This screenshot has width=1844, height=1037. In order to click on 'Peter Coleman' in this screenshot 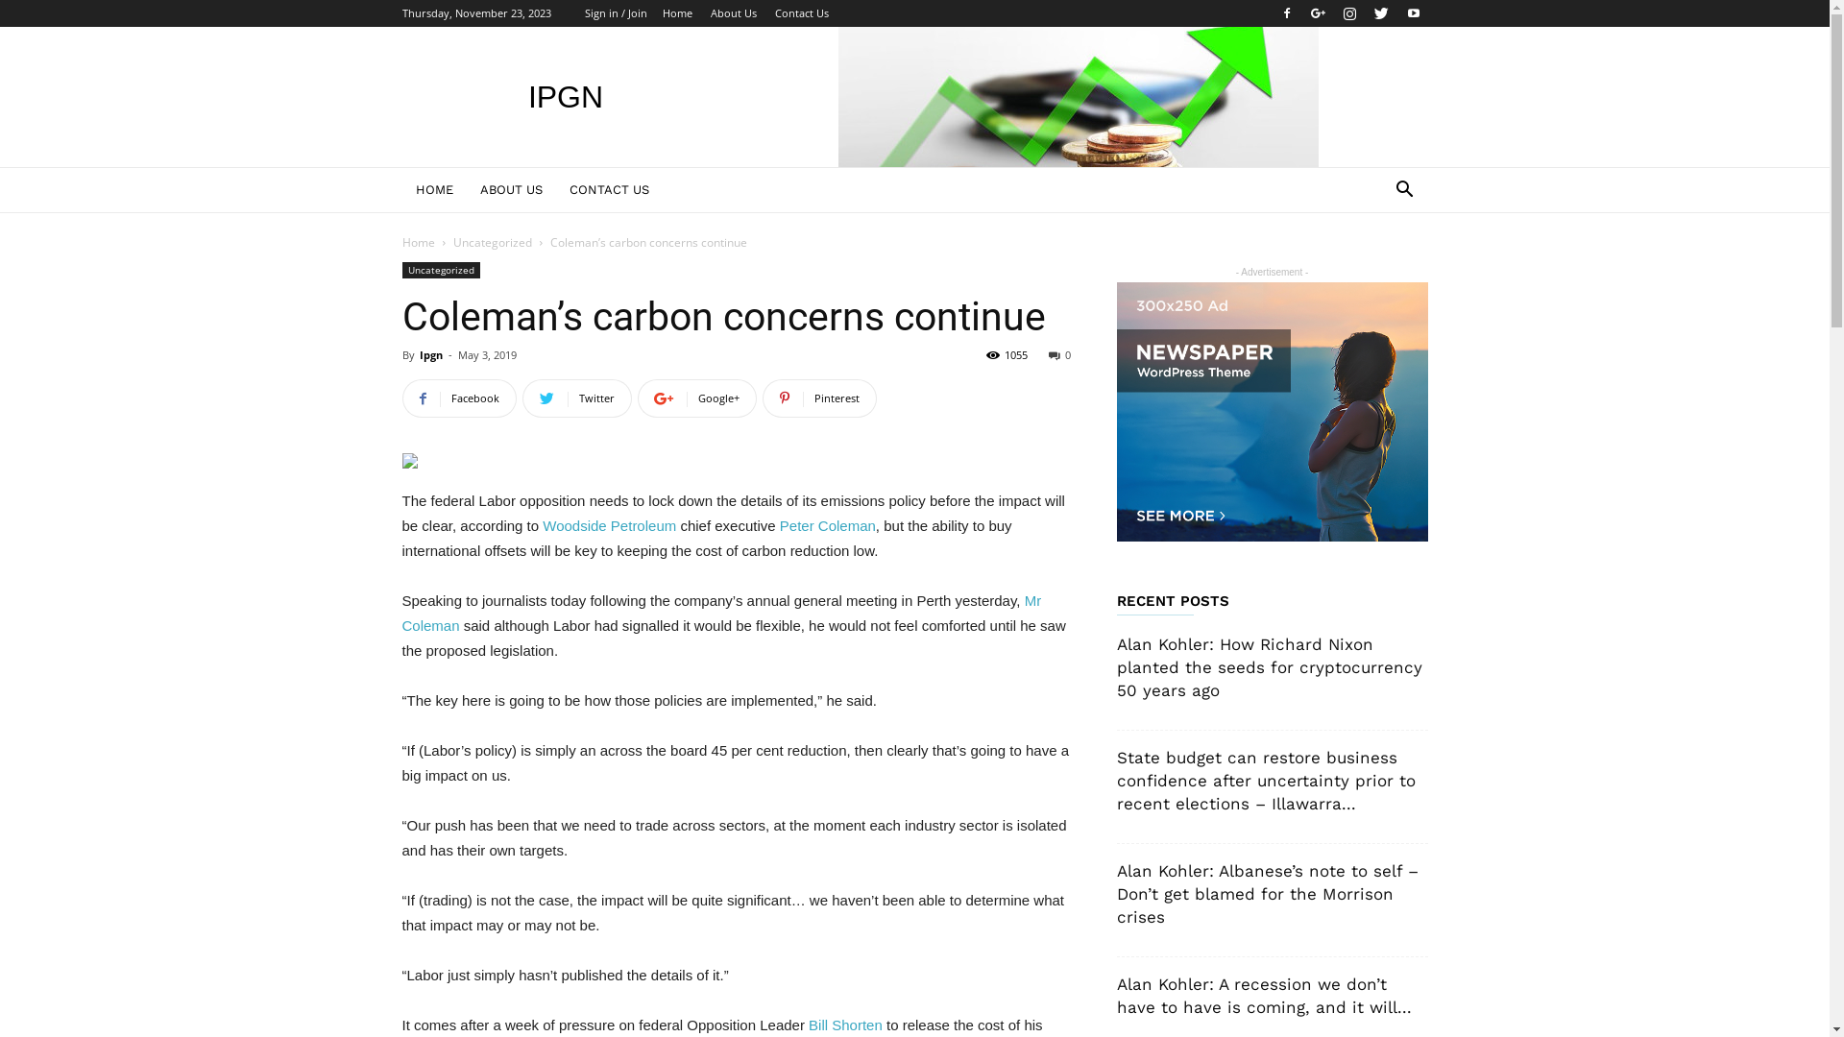, I will do `click(828, 525)`.